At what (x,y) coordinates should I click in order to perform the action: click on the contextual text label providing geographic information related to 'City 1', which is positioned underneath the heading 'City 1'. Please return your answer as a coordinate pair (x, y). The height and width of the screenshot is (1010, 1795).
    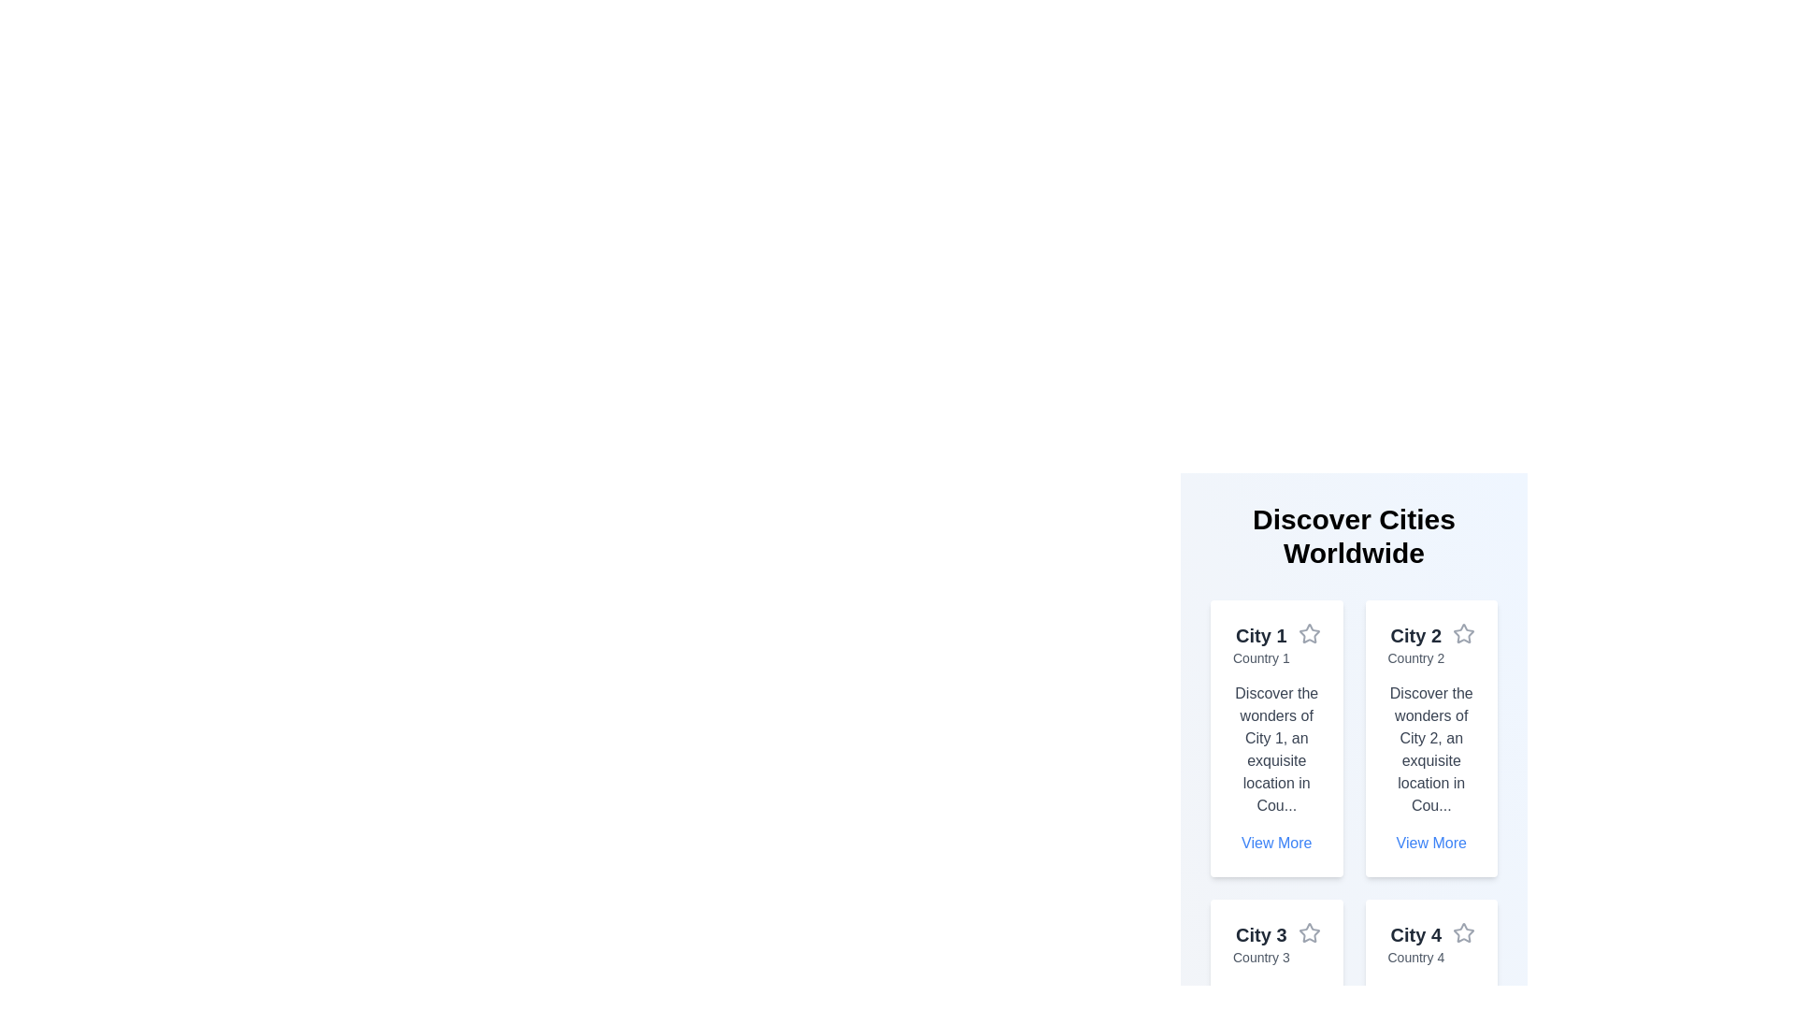
    Looking at the image, I should click on (1261, 657).